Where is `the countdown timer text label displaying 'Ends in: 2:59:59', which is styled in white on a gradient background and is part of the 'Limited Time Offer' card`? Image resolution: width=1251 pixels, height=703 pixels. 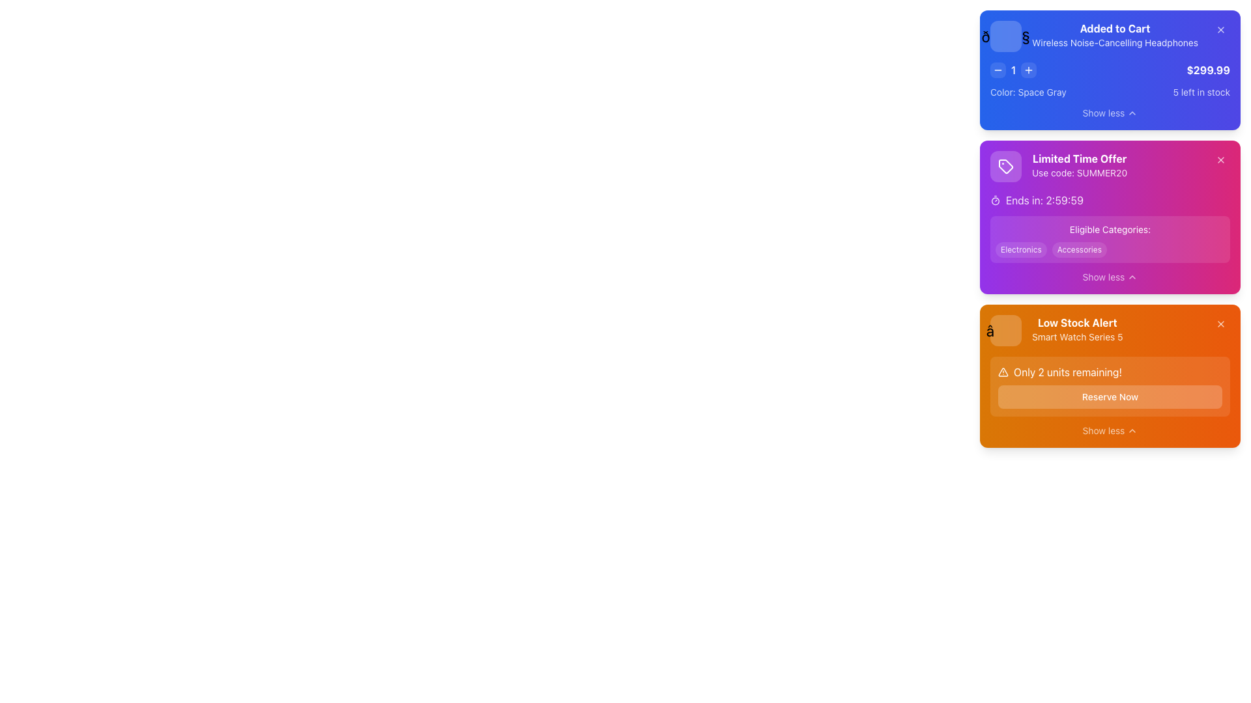 the countdown timer text label displaying 'Ends in: 2:59:59', which is styled in white on a gradient background and is part of the 'Limited Time Offer' card is located at coordinates (1044, 200).